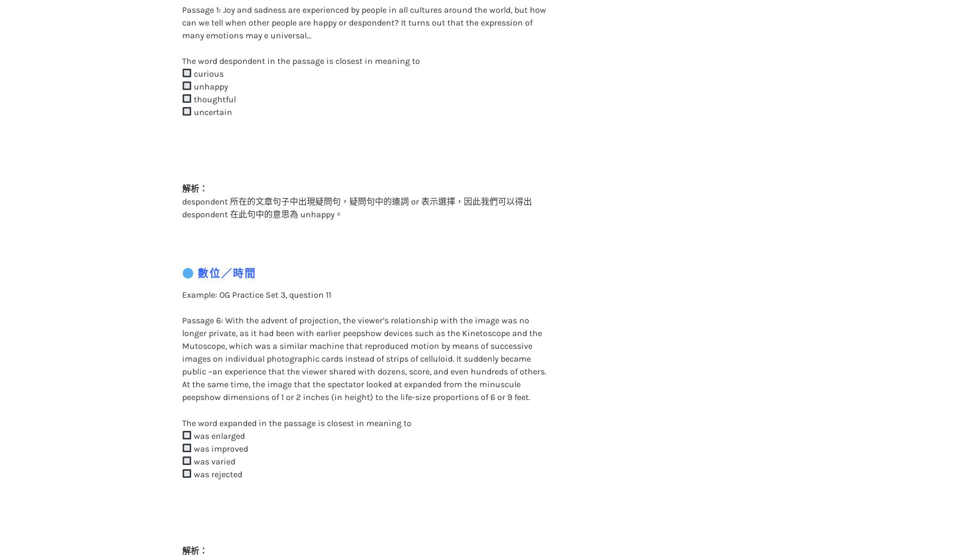 The width and height of the screenshot is (960, 555). Describe the element at coordinates (209, 64) in the screenshot. I see `'unhappy'` at that location.